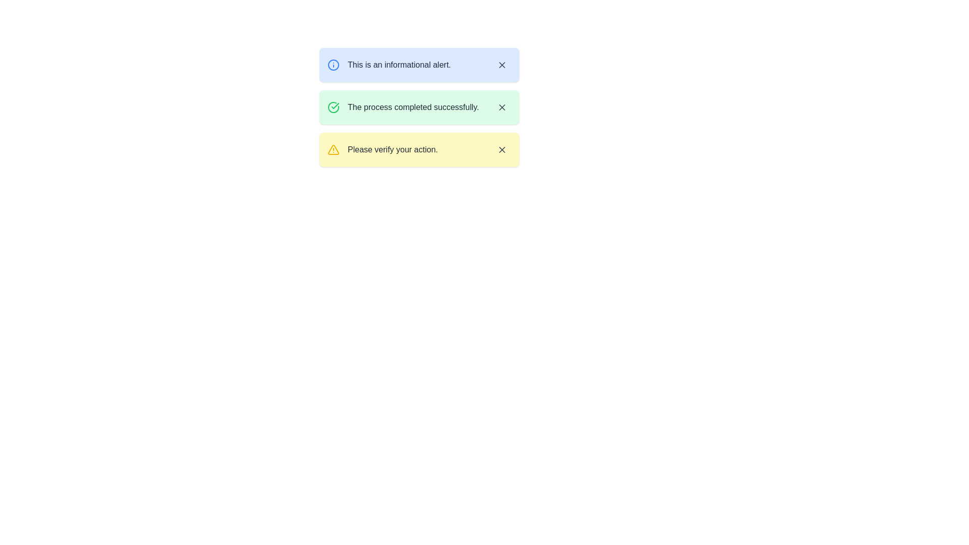  I want to click on the close button located at the far right edge of the yellow notification box, so click(502, 150).